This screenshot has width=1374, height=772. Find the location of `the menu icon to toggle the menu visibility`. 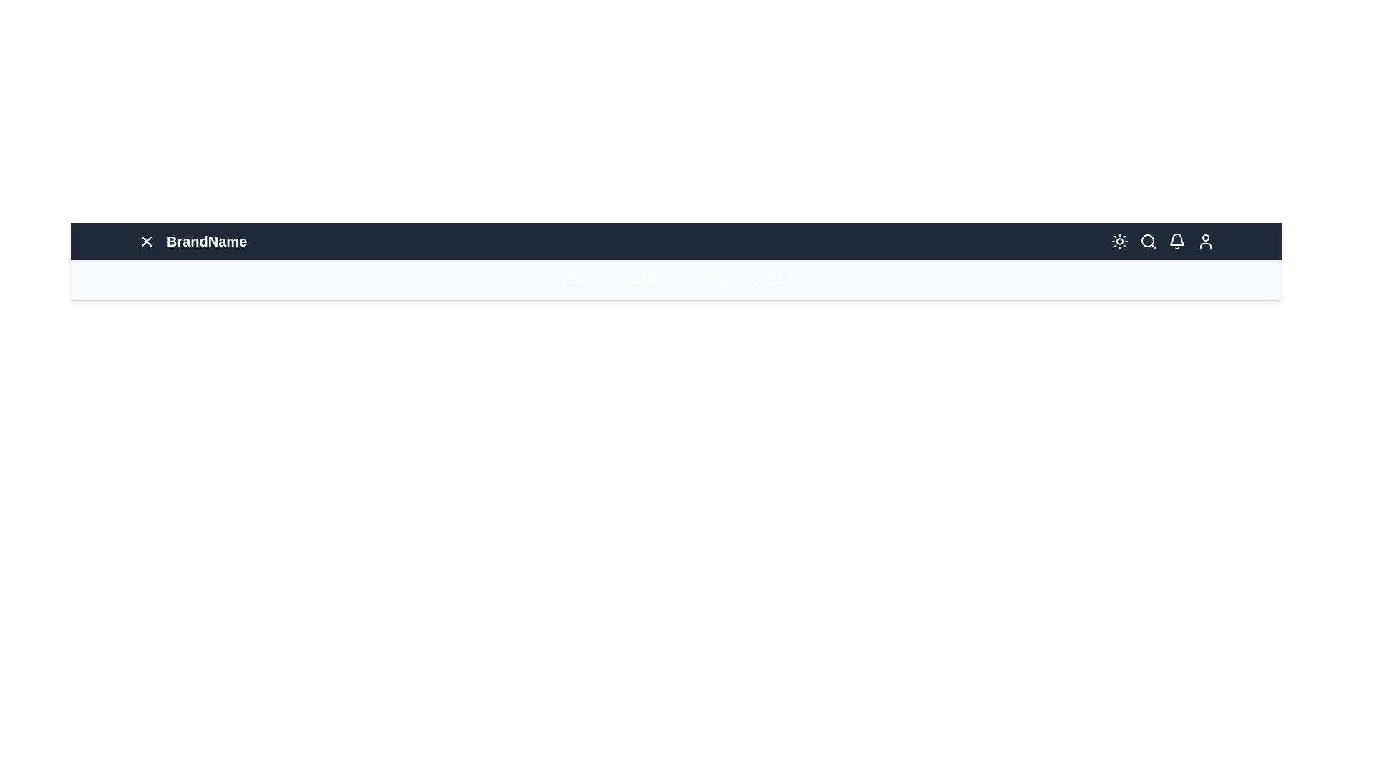

the menu icon to toggle the menu visibility is located at coordinates (147, 241).